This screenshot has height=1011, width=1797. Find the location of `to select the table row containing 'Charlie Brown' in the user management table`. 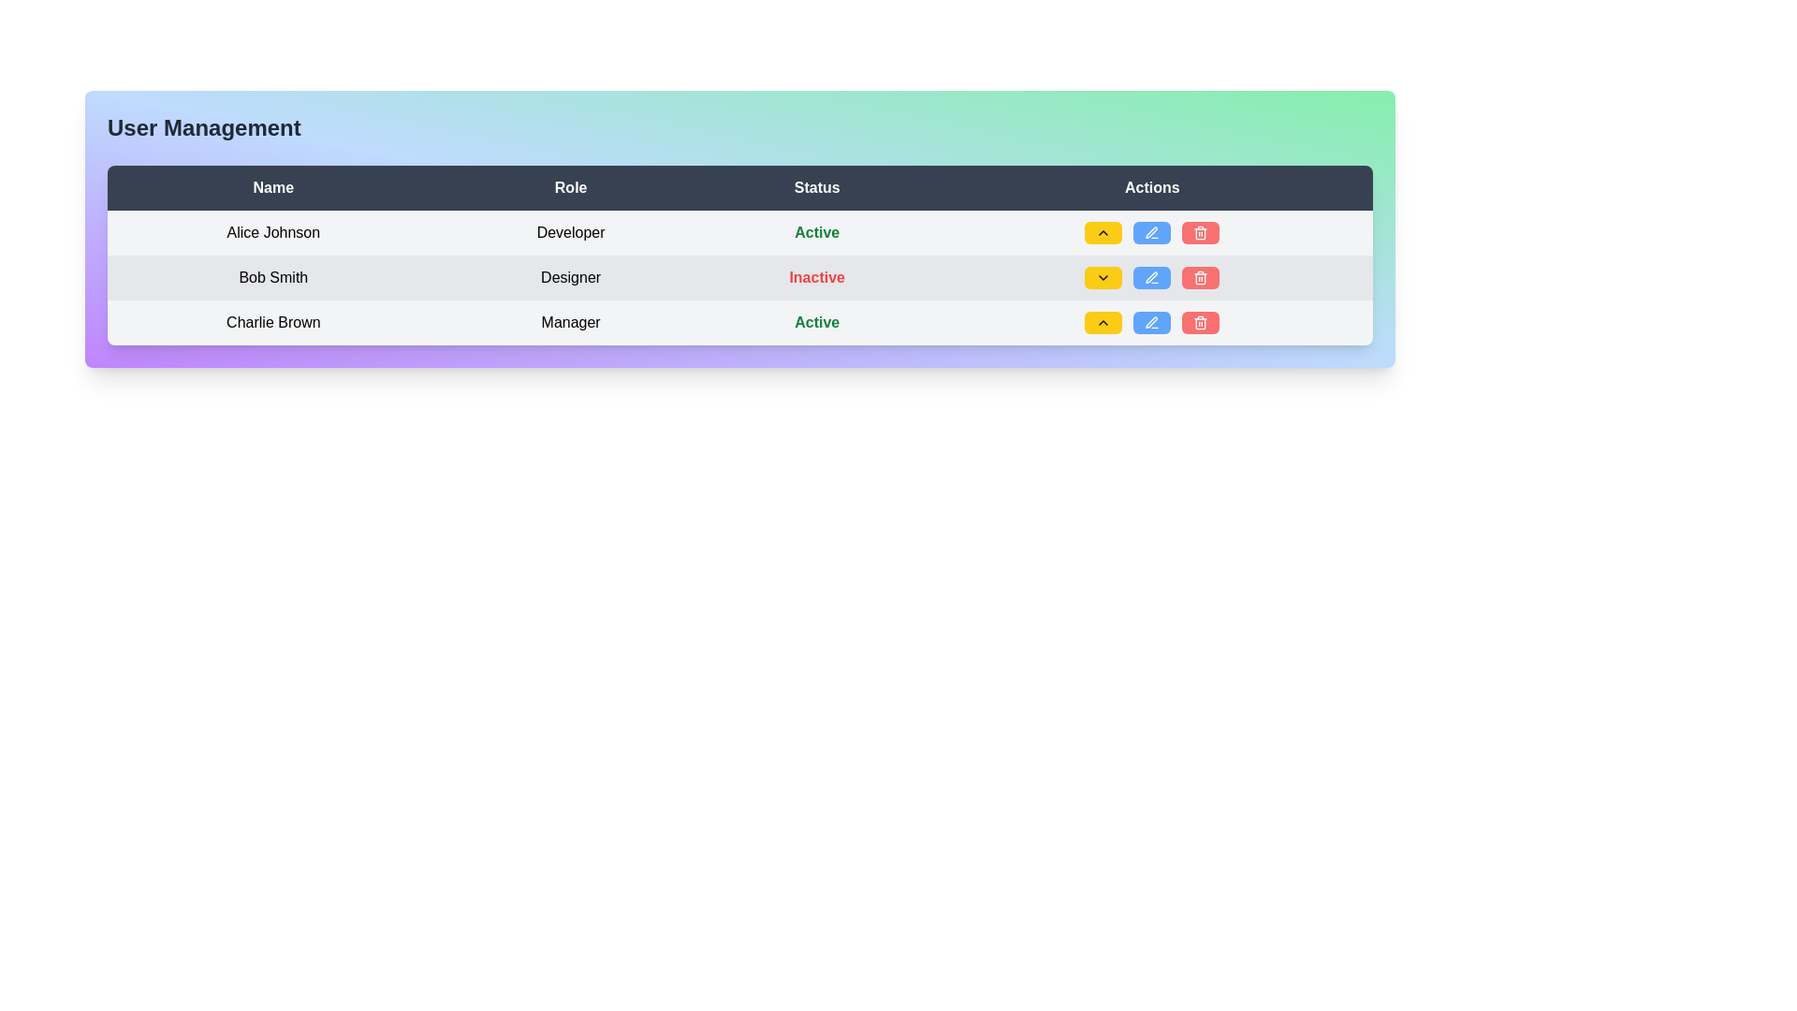

to select the table row containing 'Charlie Brown' in the user management table is located at coordinates (739, 321).